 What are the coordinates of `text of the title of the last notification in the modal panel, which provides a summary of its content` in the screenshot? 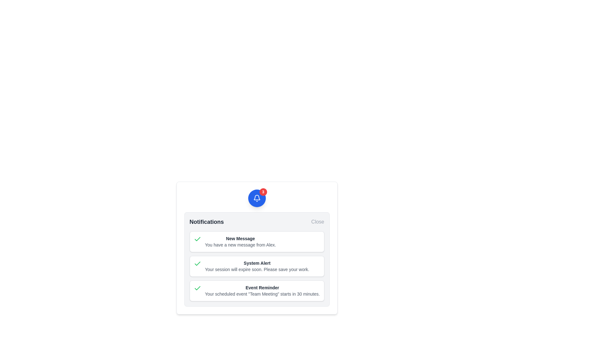 It's located at (262, 288).